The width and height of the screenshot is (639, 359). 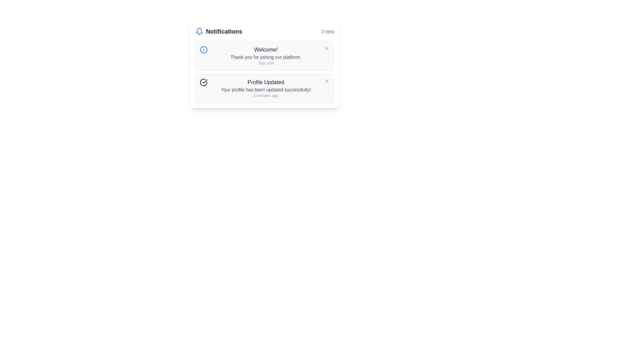 What do you see at coordinates (327, 48) in the screenshot?
I see `the close icon button located at the top-right corner of the 'Welcome!' notification card` at bounding box center [327, 48].